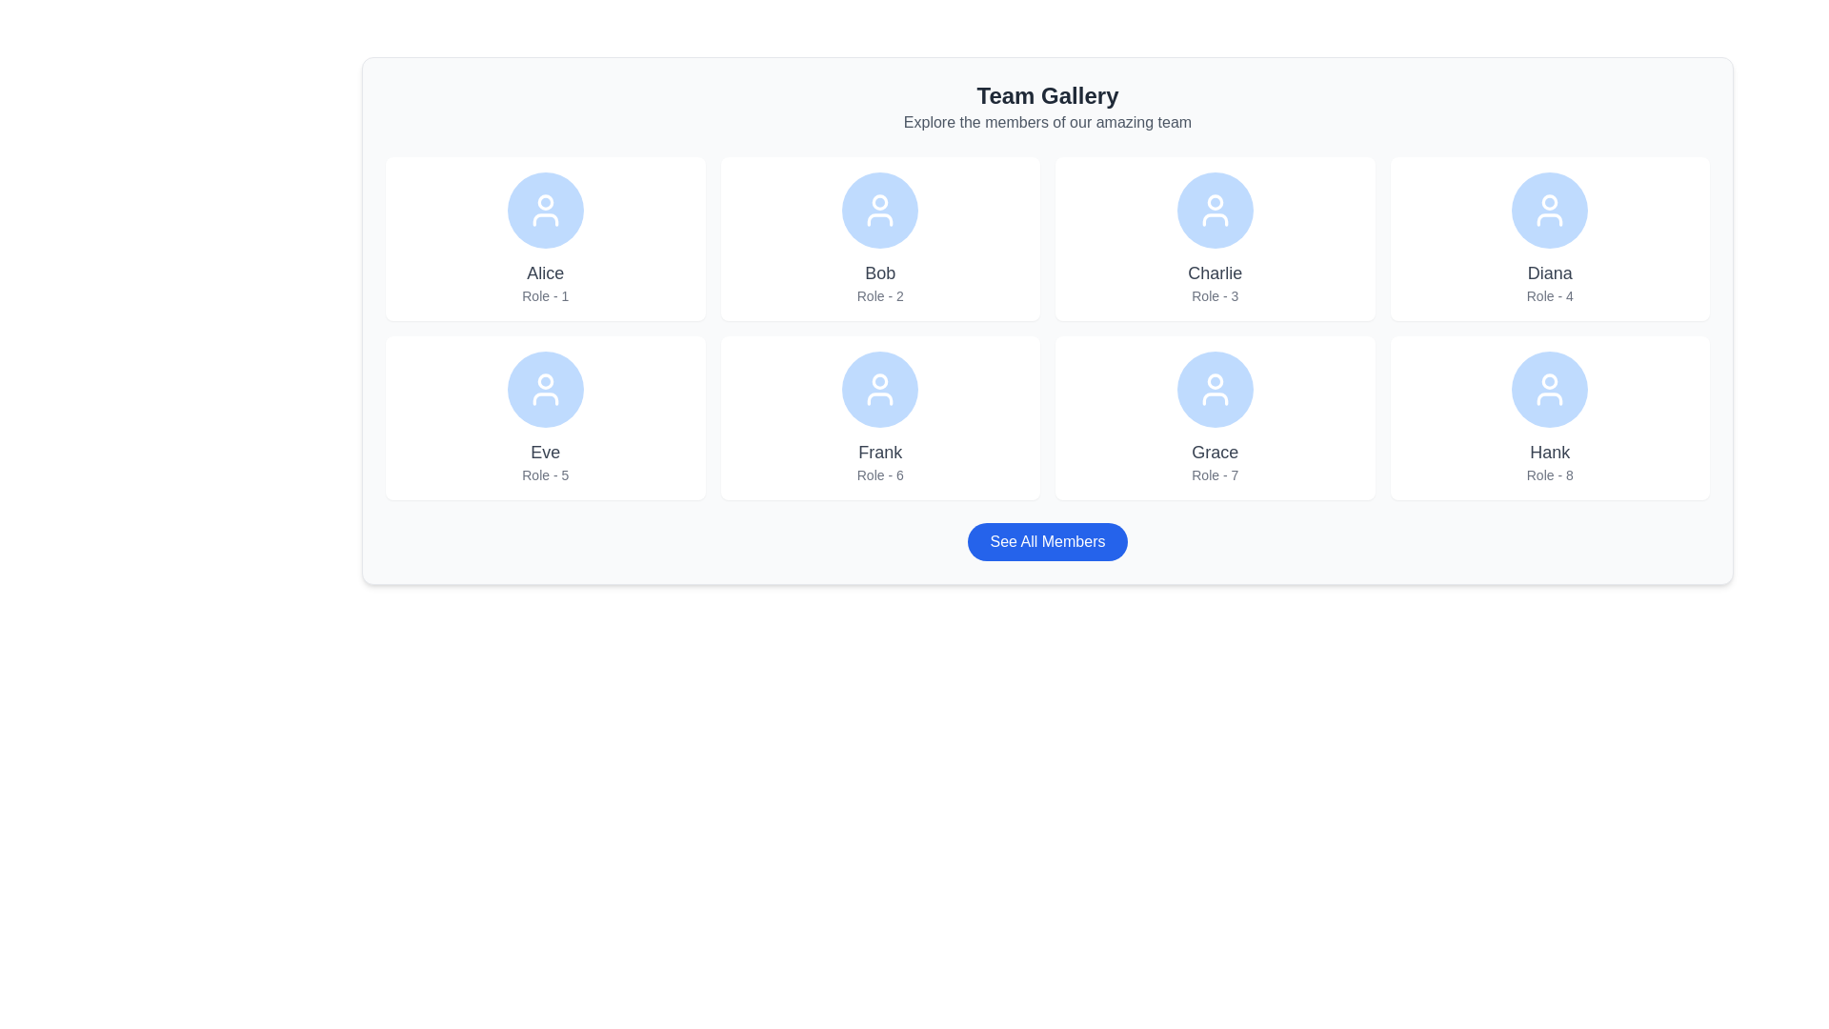  I want to click on text label displaying the name 'Bob', which is located in the card labeled 'Role - 2' in the second column of the top row, above the role description text and below a circular avatar icon, so click(879, 272).